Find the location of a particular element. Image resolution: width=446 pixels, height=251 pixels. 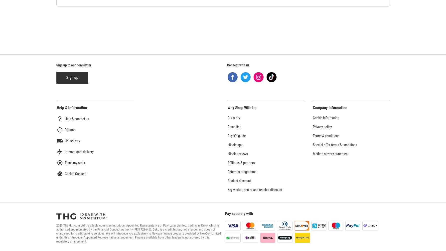

'UK delivery' is located at coordinates (72, 141).